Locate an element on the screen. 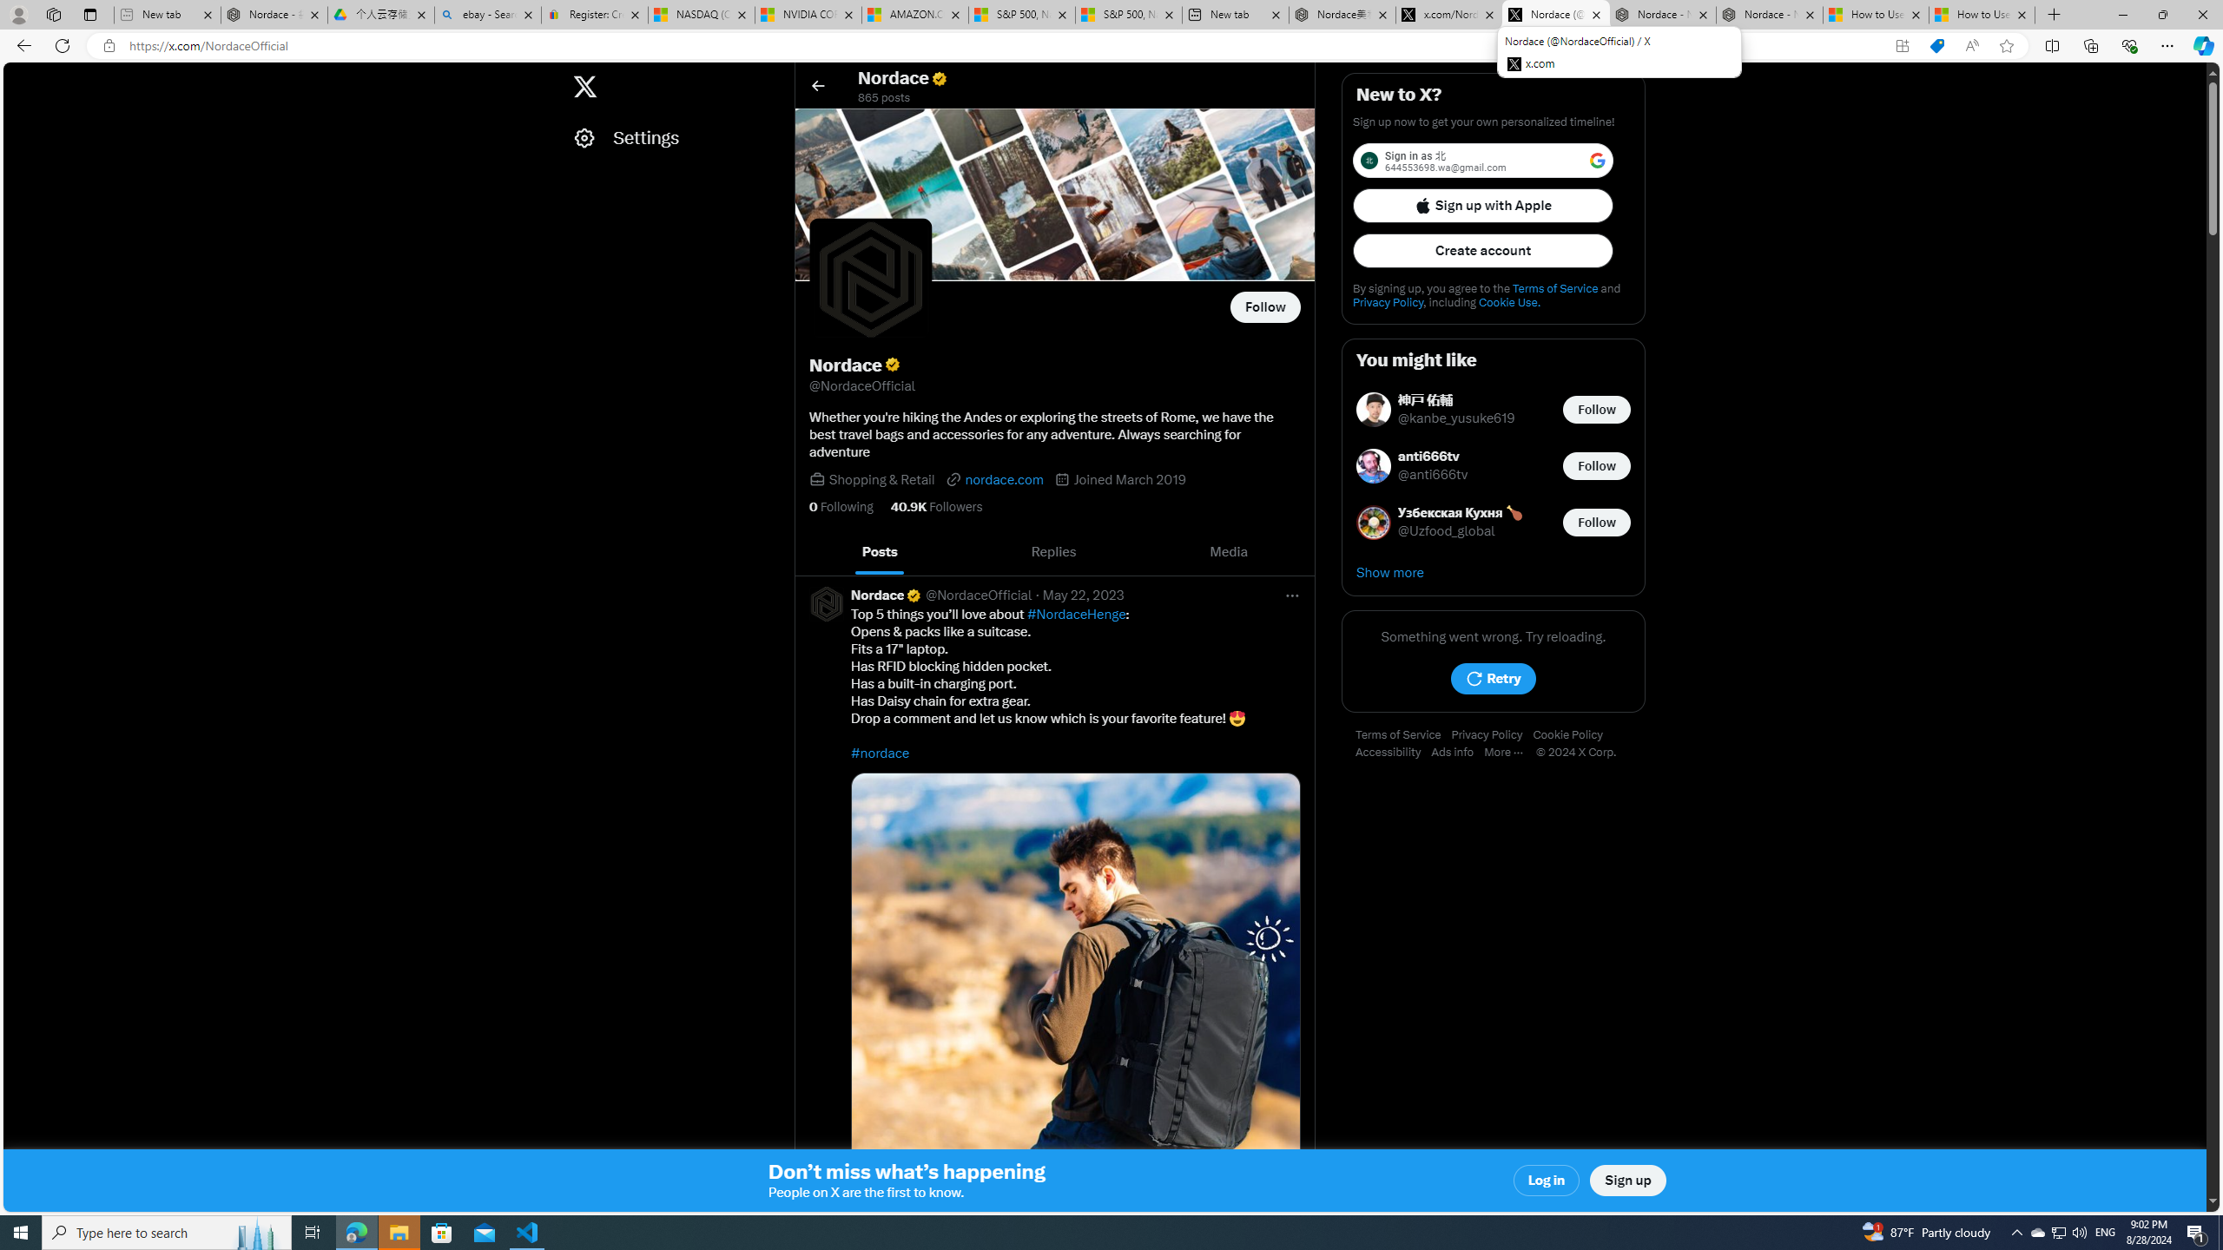  'Media' is located at coordinates (1228, 551).